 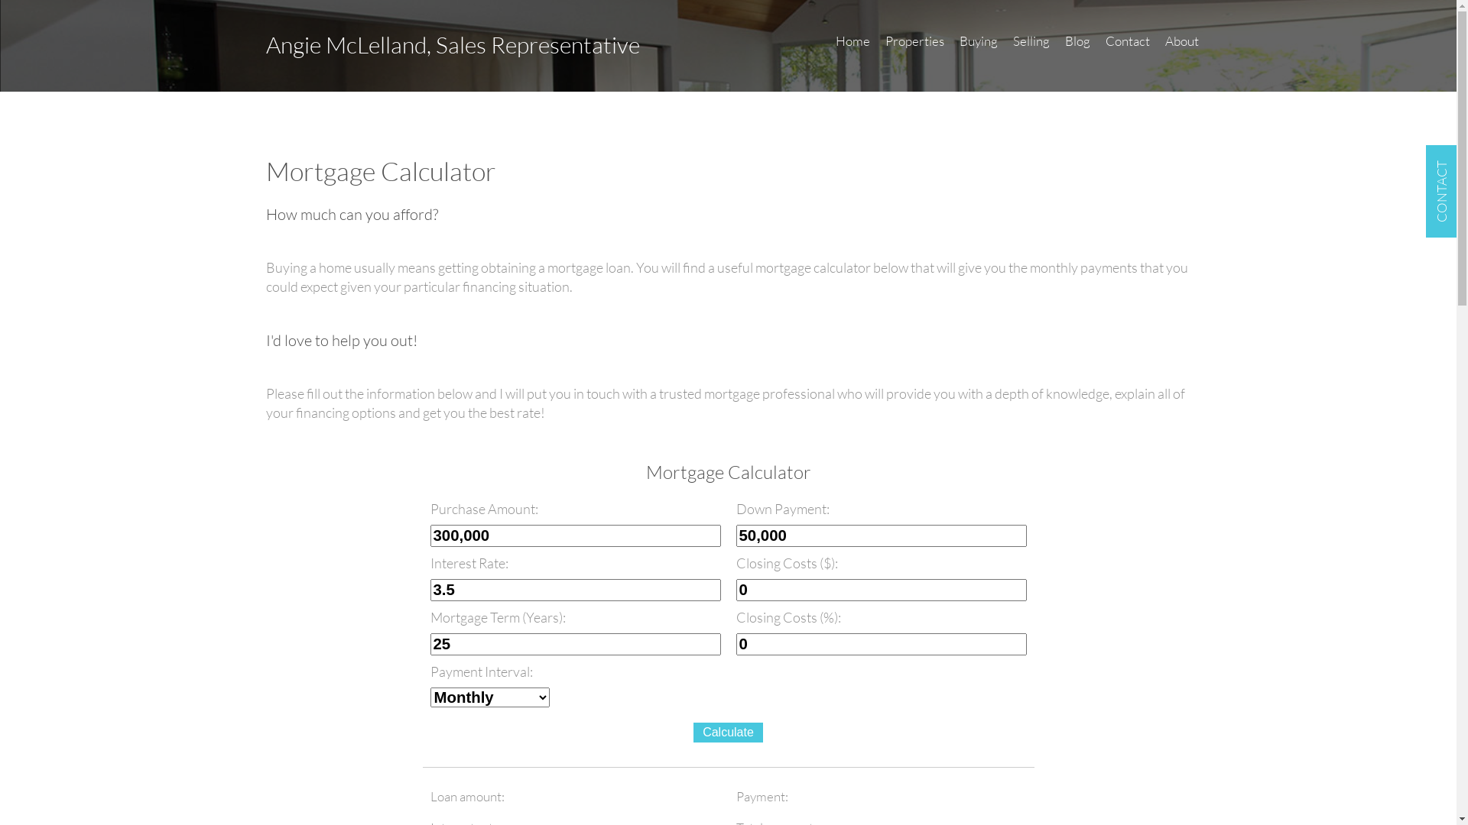 What do you see at coordinates (1031, 46) in the screenshot?
I see `'Selling'` at bounding box center [1031, 46].